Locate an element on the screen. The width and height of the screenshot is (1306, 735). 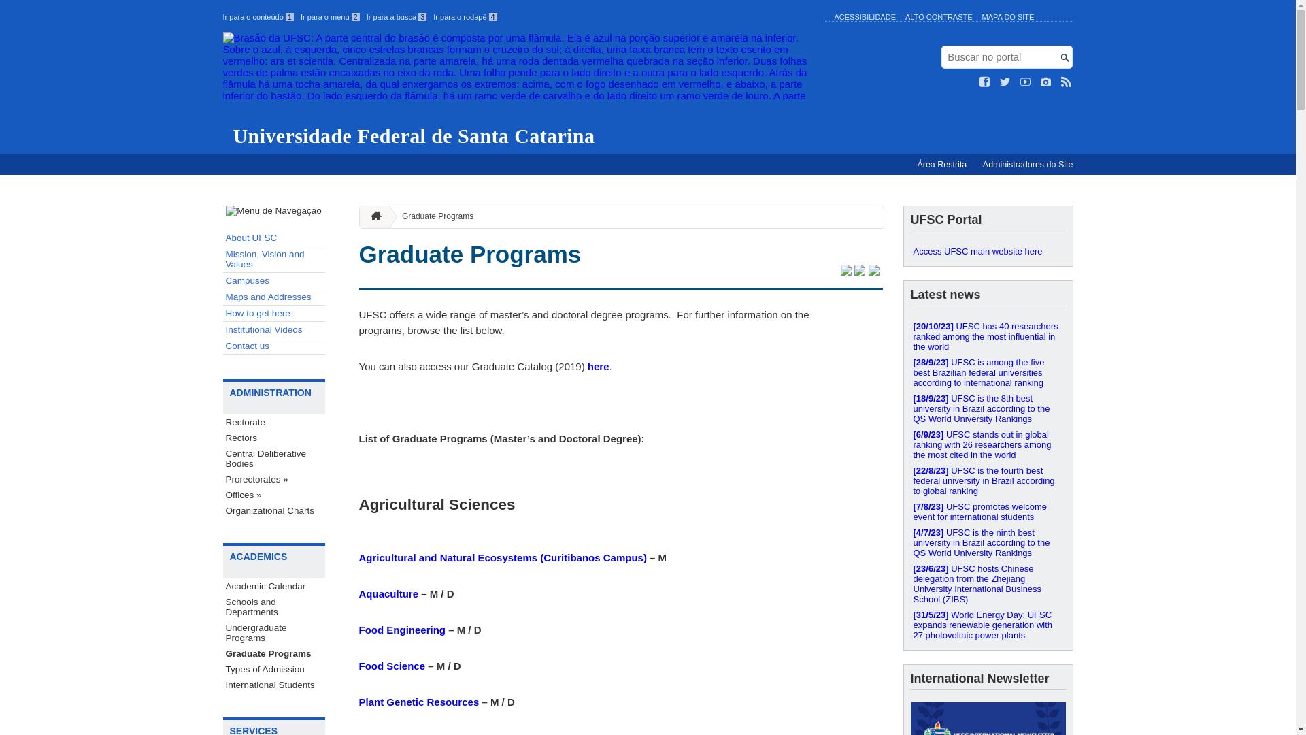
'Food Science' is located at coordinates (391, 665).